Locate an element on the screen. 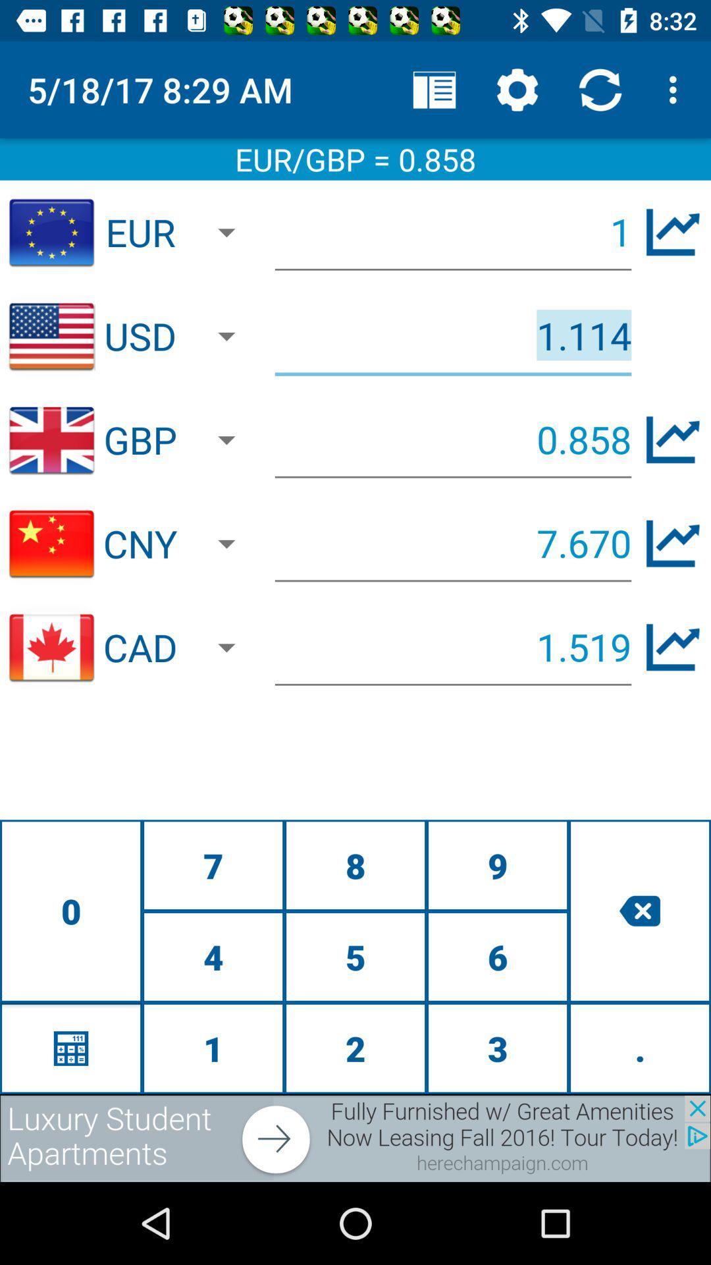 The height and width of the screenshot is (1265, 711). open advertisement is located at coordinates (355, 1138).